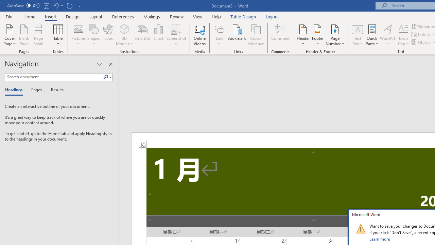  I want to click on 'Cover Page', so click(10, 35).